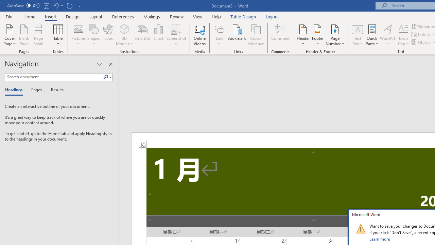  I want to click on 'Cover Page', so click(10, 35).